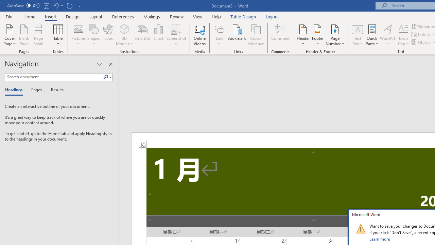  I want to click on 'Cover Page', so click(10, 35).